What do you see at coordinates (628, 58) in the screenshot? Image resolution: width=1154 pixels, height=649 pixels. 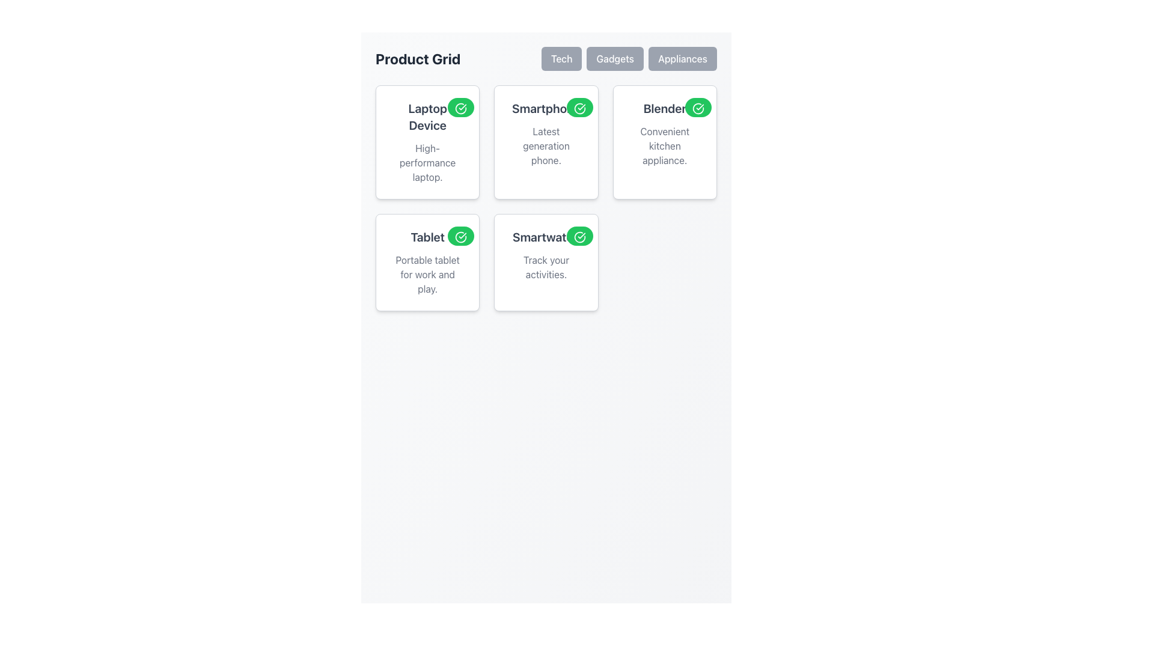 I see `the 'Gadgets' button, which is the second inline button with a light gray background and white text, to trigger a visual effect` at bounding box center [628, 58].